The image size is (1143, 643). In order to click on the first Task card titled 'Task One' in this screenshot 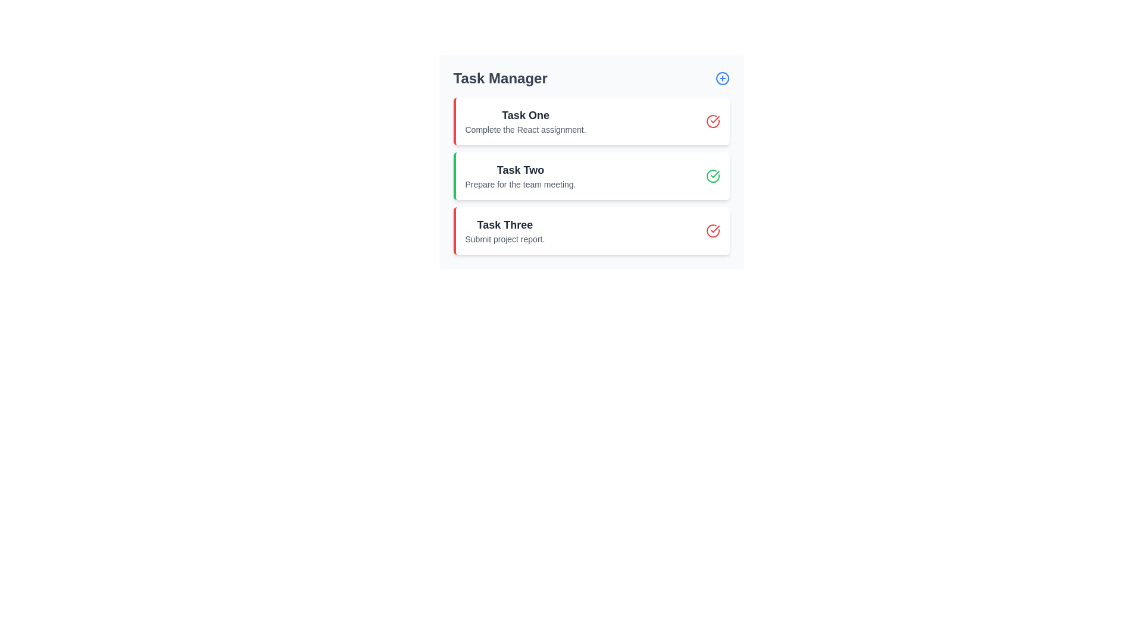, I will do `click(591, 121)`.